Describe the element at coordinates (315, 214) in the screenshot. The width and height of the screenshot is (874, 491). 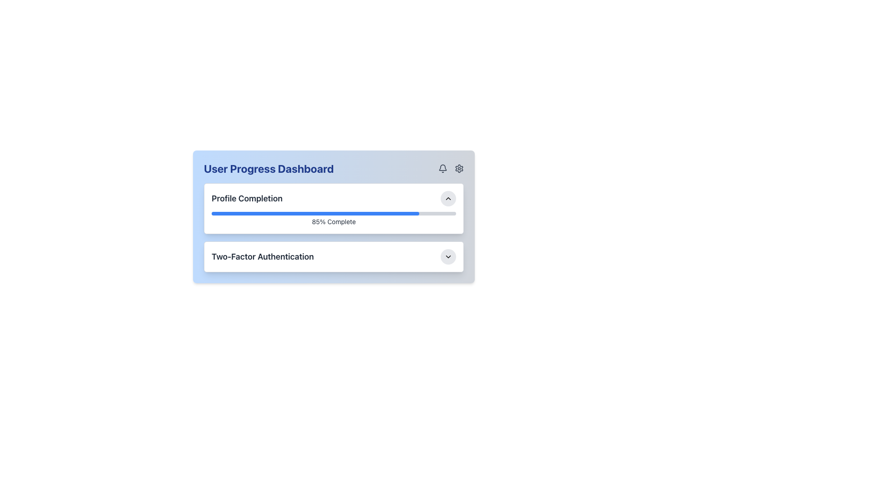
I see `the blue progress bar representing 85% completion in the 'User Progress Dashboard' section` at that location.